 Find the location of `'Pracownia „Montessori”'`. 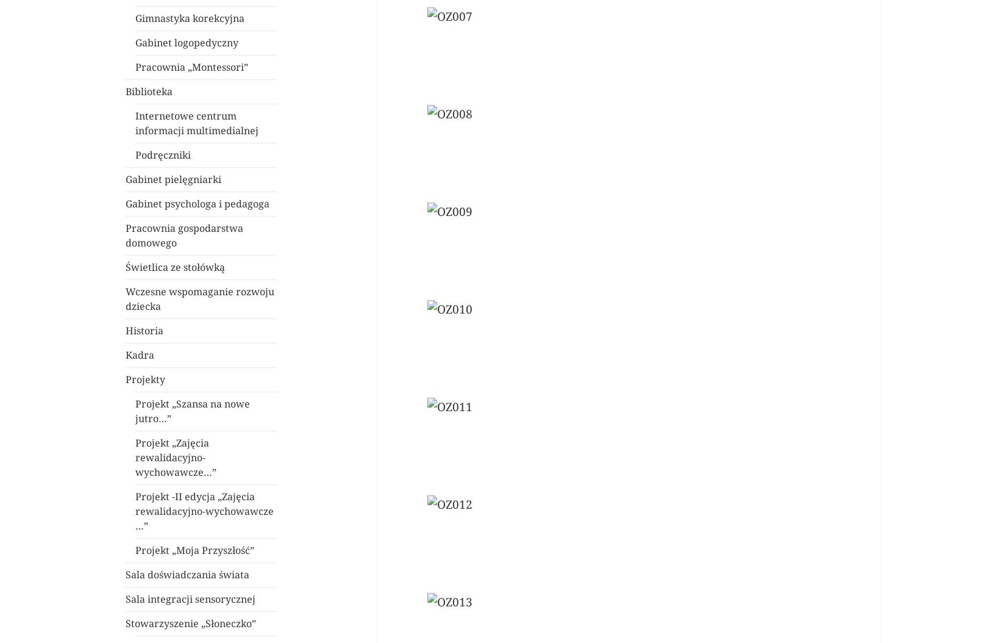

'Pracownia „Montessori”' is located at coordinates (191, 67).